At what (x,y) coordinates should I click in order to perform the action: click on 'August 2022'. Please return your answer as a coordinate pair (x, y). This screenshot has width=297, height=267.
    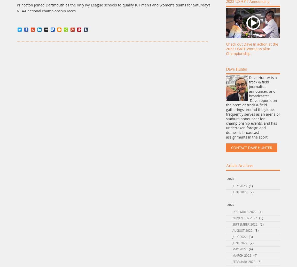
    Looking at the image, I should click on (242, 230).